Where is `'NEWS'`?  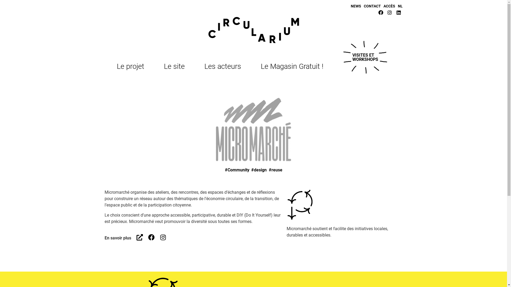
'NEWS' is located at coordinates (351, 6).